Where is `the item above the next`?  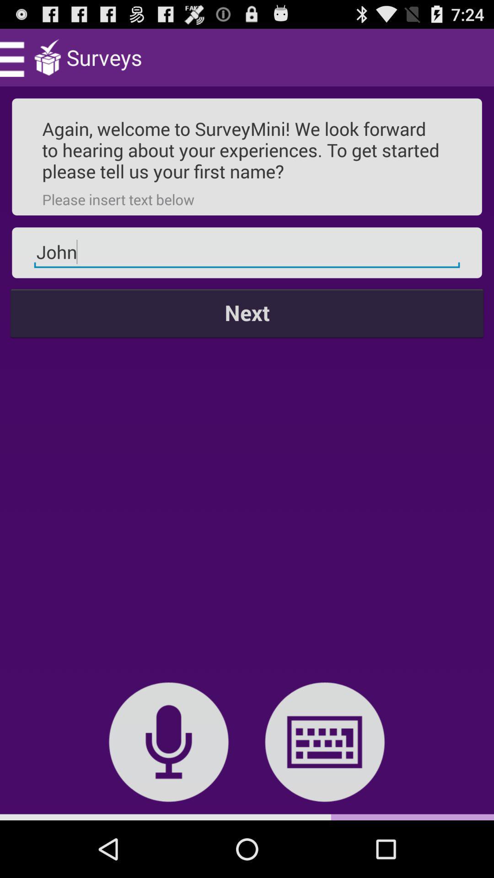 the item above the next is located at coordinates (247, 252).